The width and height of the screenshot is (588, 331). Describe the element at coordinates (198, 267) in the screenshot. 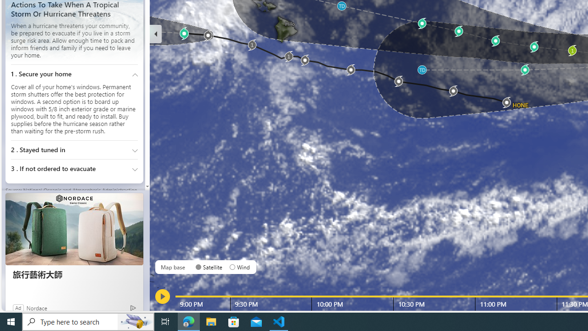

I see `'AutomationID: radioButton-DS-EntryPoint1-1-layer-subtype-0-0'` at that location.